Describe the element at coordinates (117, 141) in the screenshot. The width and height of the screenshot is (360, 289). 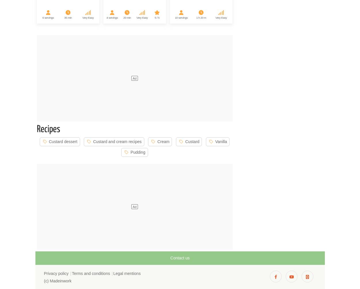
I see `'Custard and cream recipes'` at that location.